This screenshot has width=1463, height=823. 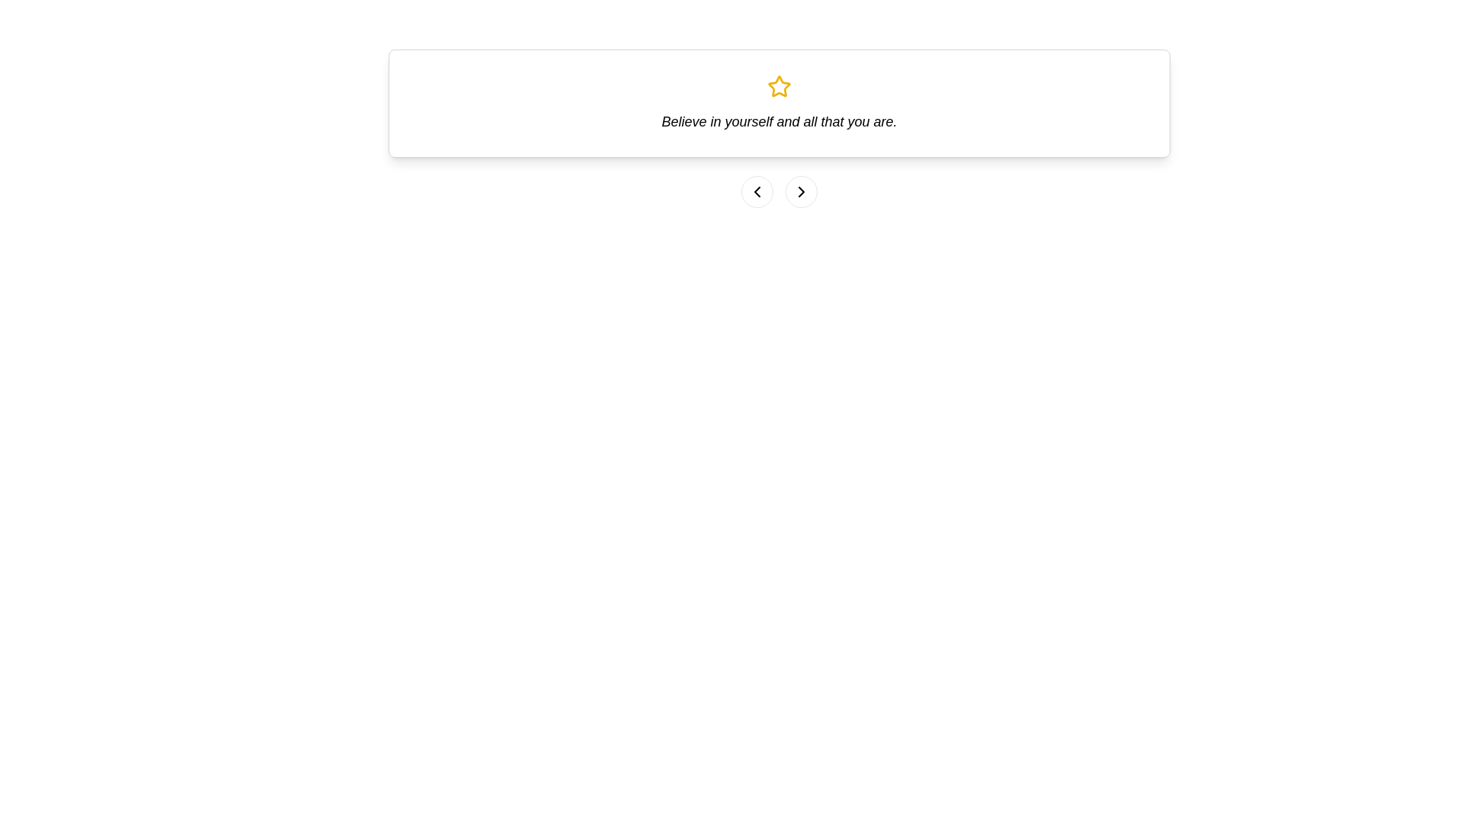 What do you see at coordinates (757, 191) in the screenshot?
I see `the navigation button that allows users to move to the previous item or section in a sequence` at bounding box center [757, 191].